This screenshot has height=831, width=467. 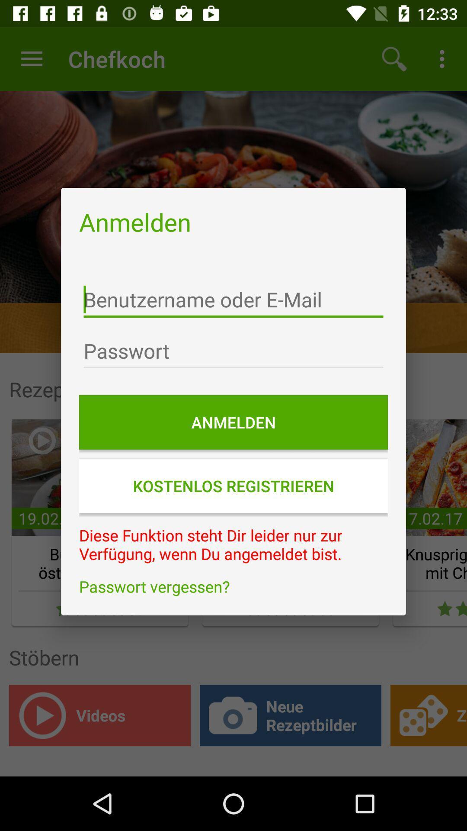 I want to click on kostenlos registrieren item, so click(x=233, y=486).